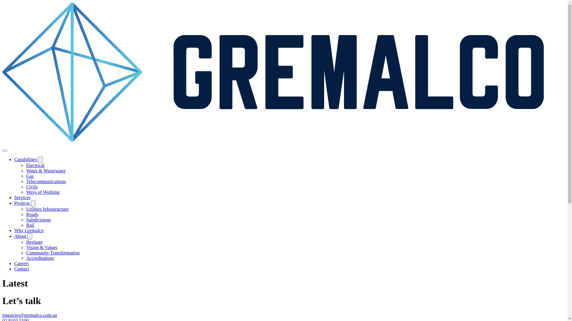  Describe the element at coordinates (26, 220) in the screenshot. I see `'Subdivisions'` at that location.